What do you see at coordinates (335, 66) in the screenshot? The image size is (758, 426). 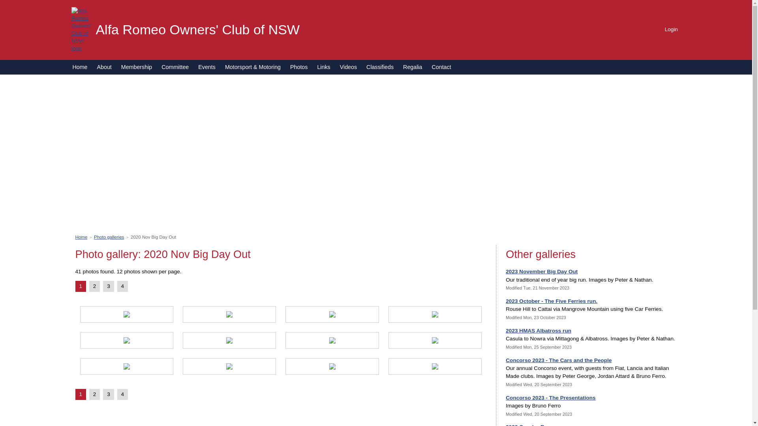 I see `'Videos'` at bounding box center [335, 66].